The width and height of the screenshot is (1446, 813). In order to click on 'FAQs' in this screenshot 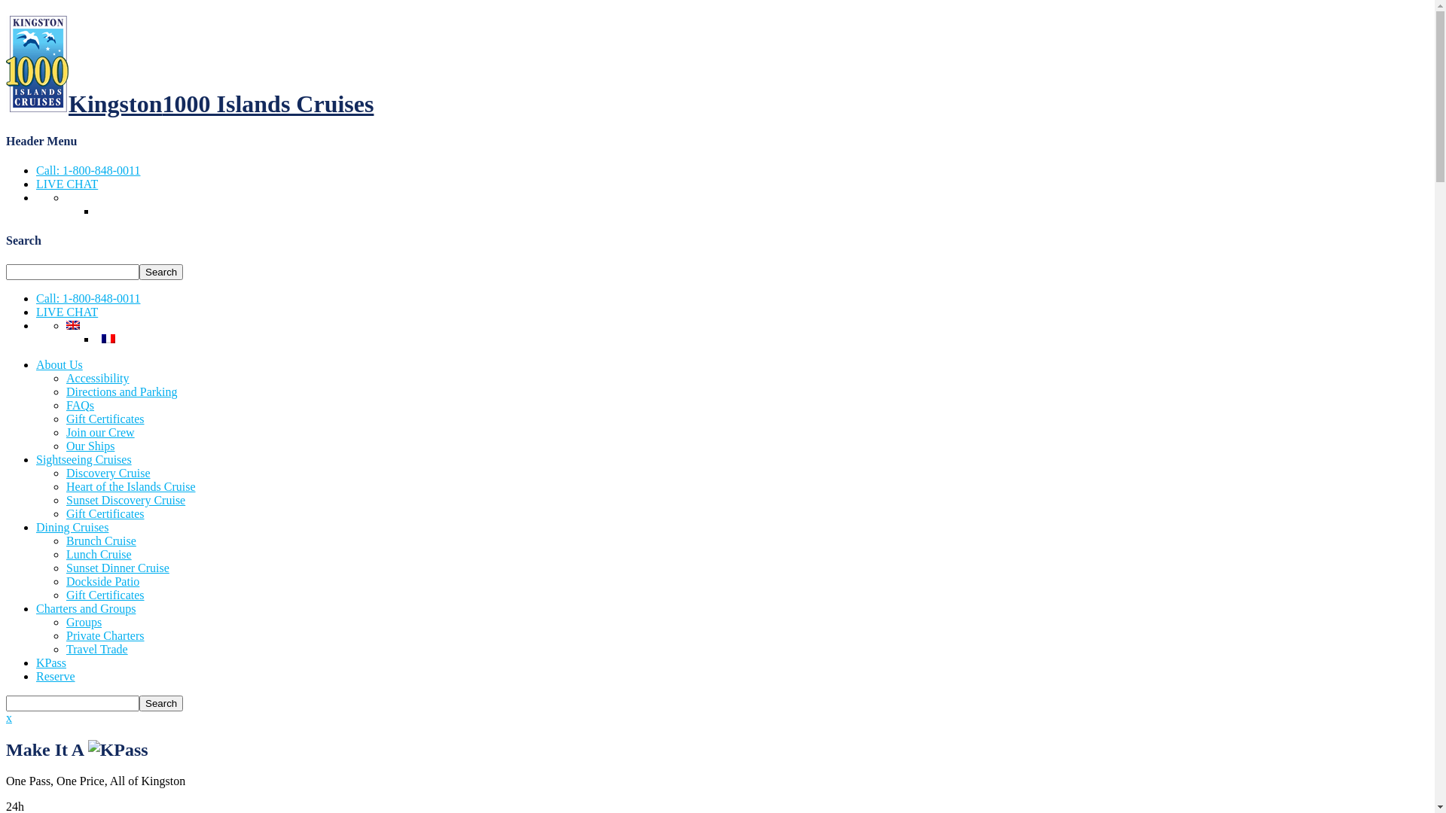, I will do `click(79, 404)`.